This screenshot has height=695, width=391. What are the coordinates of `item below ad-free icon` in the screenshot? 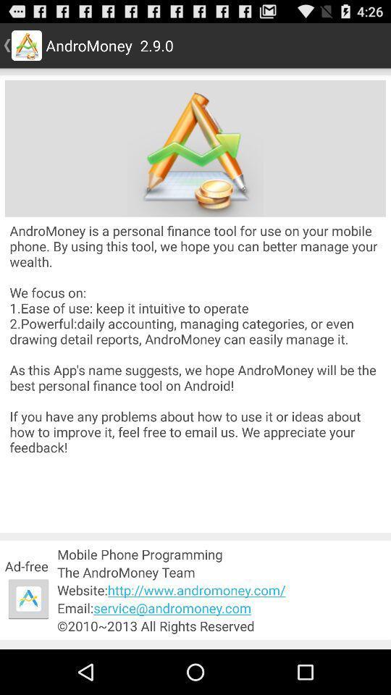 It's located at (28, 599).